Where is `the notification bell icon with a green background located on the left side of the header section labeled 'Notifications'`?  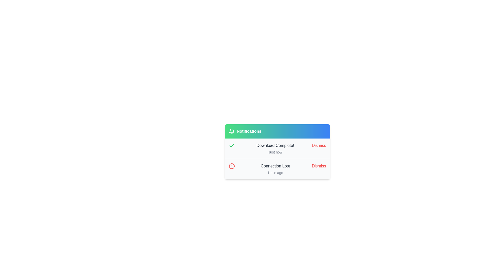
the notification bell icon with a green background located on the left side of the header section labeled 'Notifications' is located at coordinates (231, 131).